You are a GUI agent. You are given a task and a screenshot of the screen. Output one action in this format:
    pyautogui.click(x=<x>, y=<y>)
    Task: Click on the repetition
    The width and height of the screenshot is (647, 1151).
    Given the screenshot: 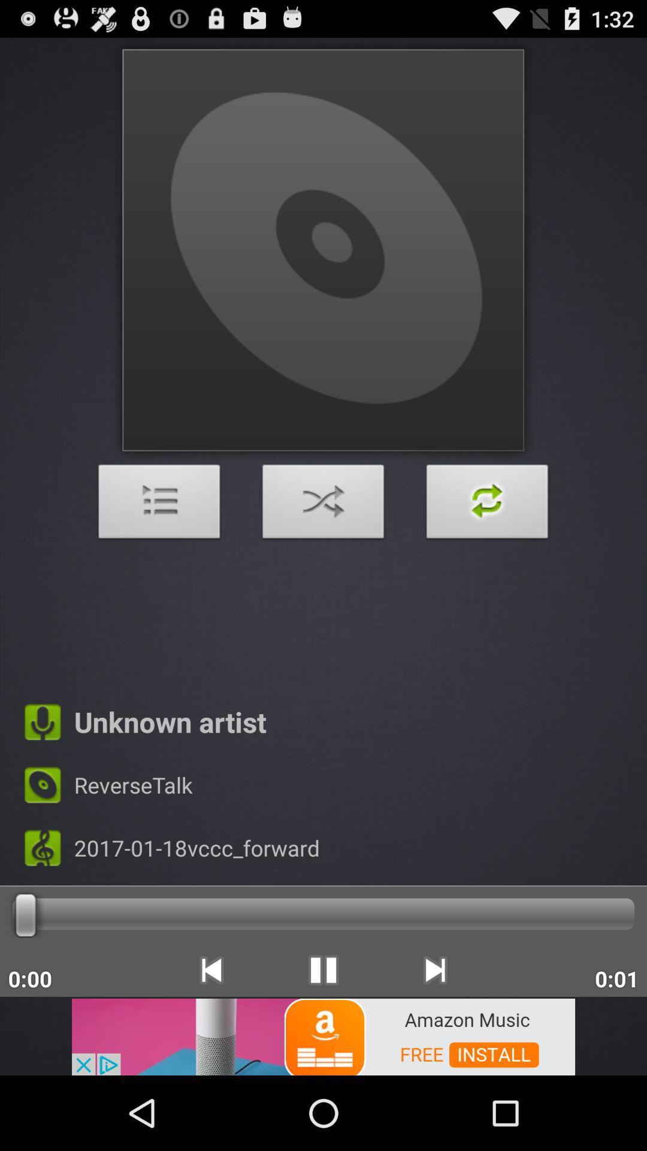 What is the action you would take?
    pyautogui.click(x=487, y=505)
    